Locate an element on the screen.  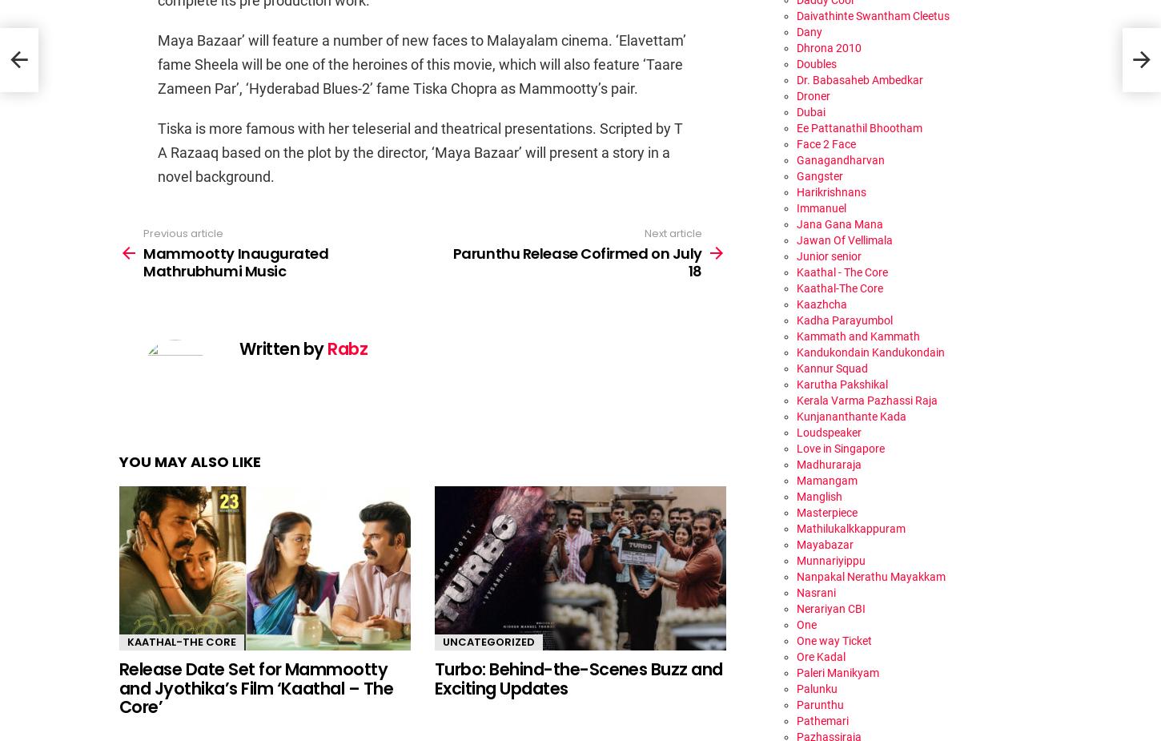
'Written by' is located at coordinates (283, 347).